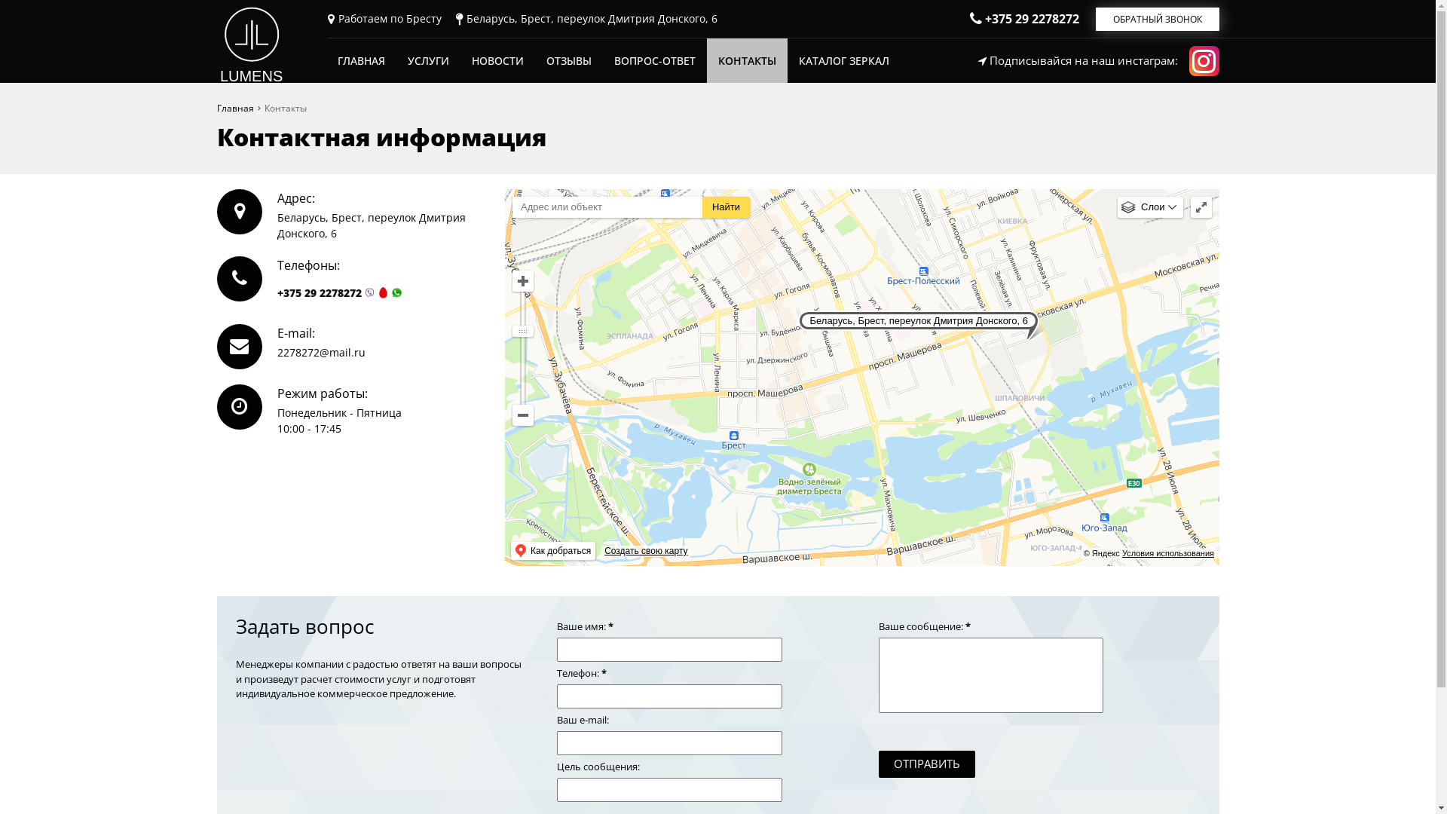 The image size is (1447, 814). What do you see at coordinates (252, 42) in the screenshot?
I see `'LUMENS'` at bounding box center [252, 42].